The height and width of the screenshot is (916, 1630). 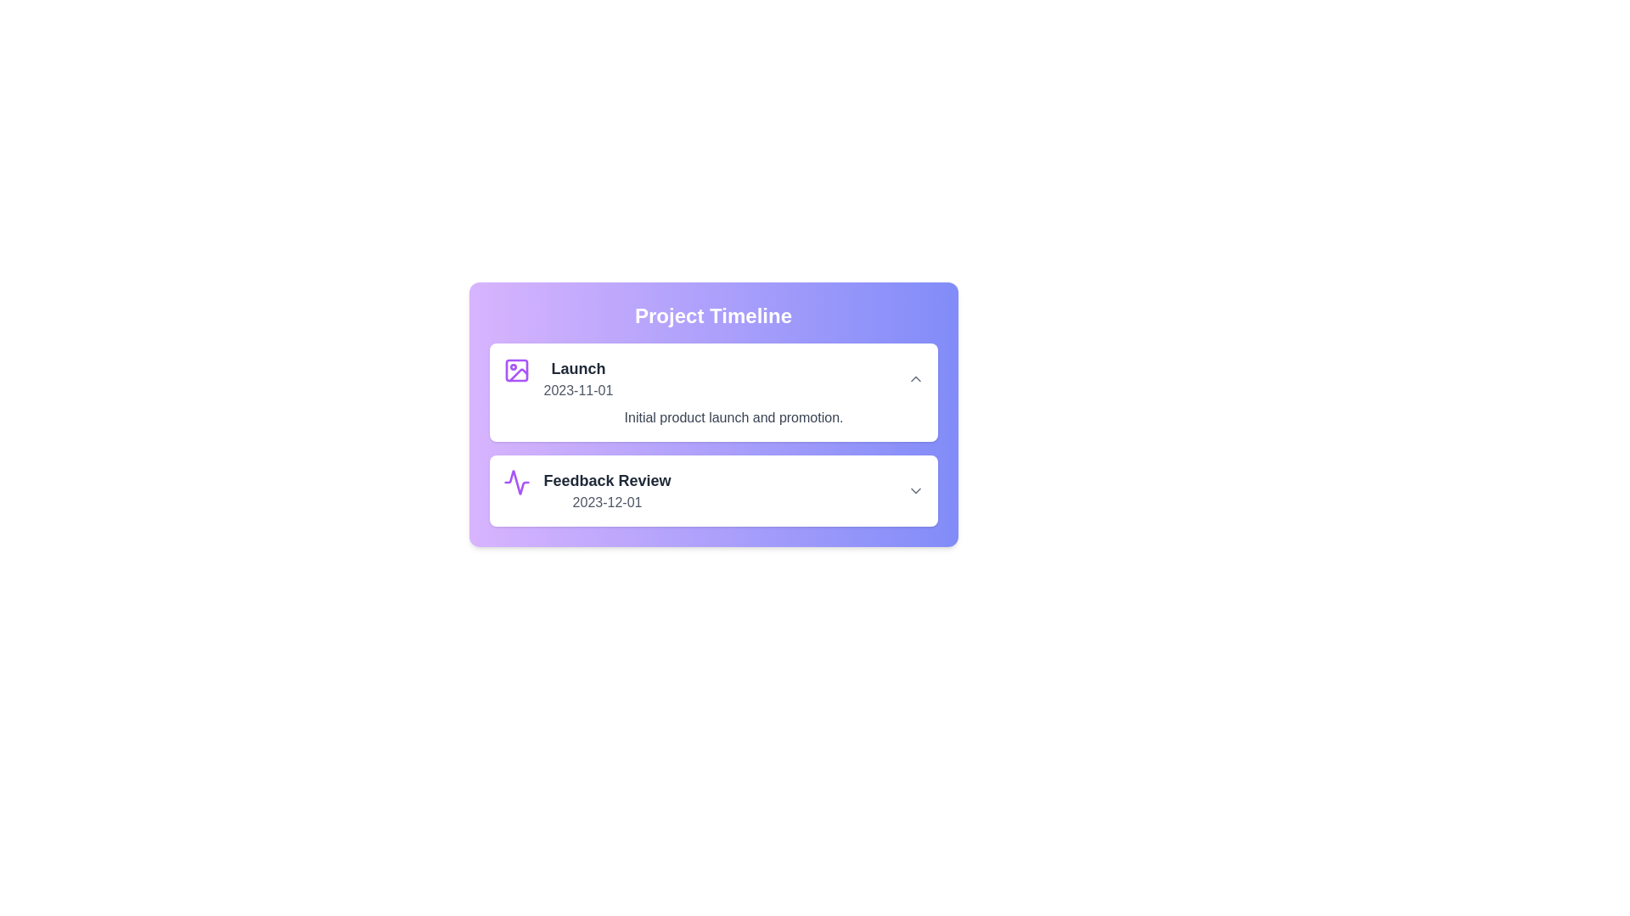 What do you see at coordinates (607, 502) in the screenshot?
I see `date '2023-12-01' displayed in the text label under the 'Feedback Review' section of the 'Project Timeline' interface` at bounding box center [607, 502].